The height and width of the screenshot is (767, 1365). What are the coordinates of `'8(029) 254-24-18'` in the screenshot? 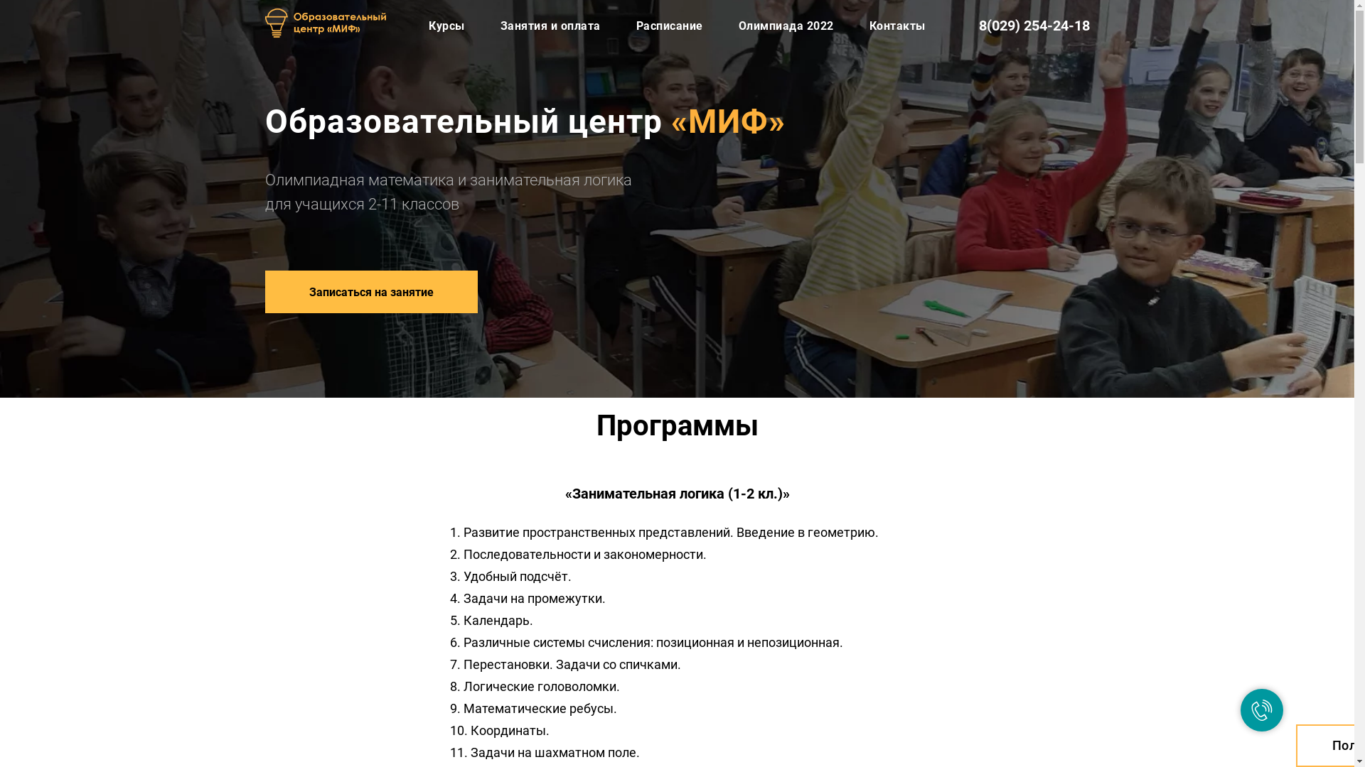 It's located at (1034, 25).